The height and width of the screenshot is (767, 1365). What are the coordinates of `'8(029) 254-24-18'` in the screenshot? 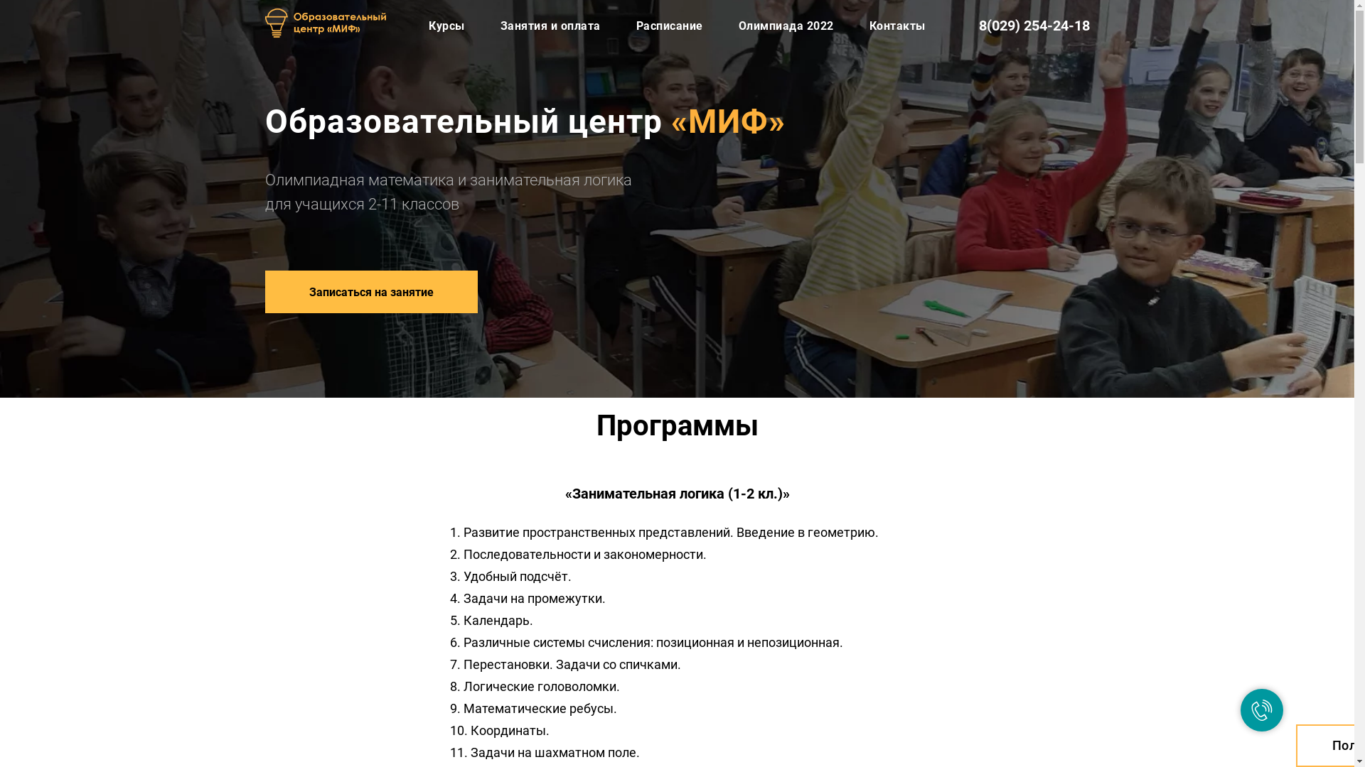 It's located at (1034, 25).